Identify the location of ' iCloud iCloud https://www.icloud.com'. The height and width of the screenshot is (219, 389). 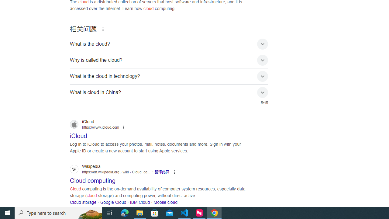
(78, 134).